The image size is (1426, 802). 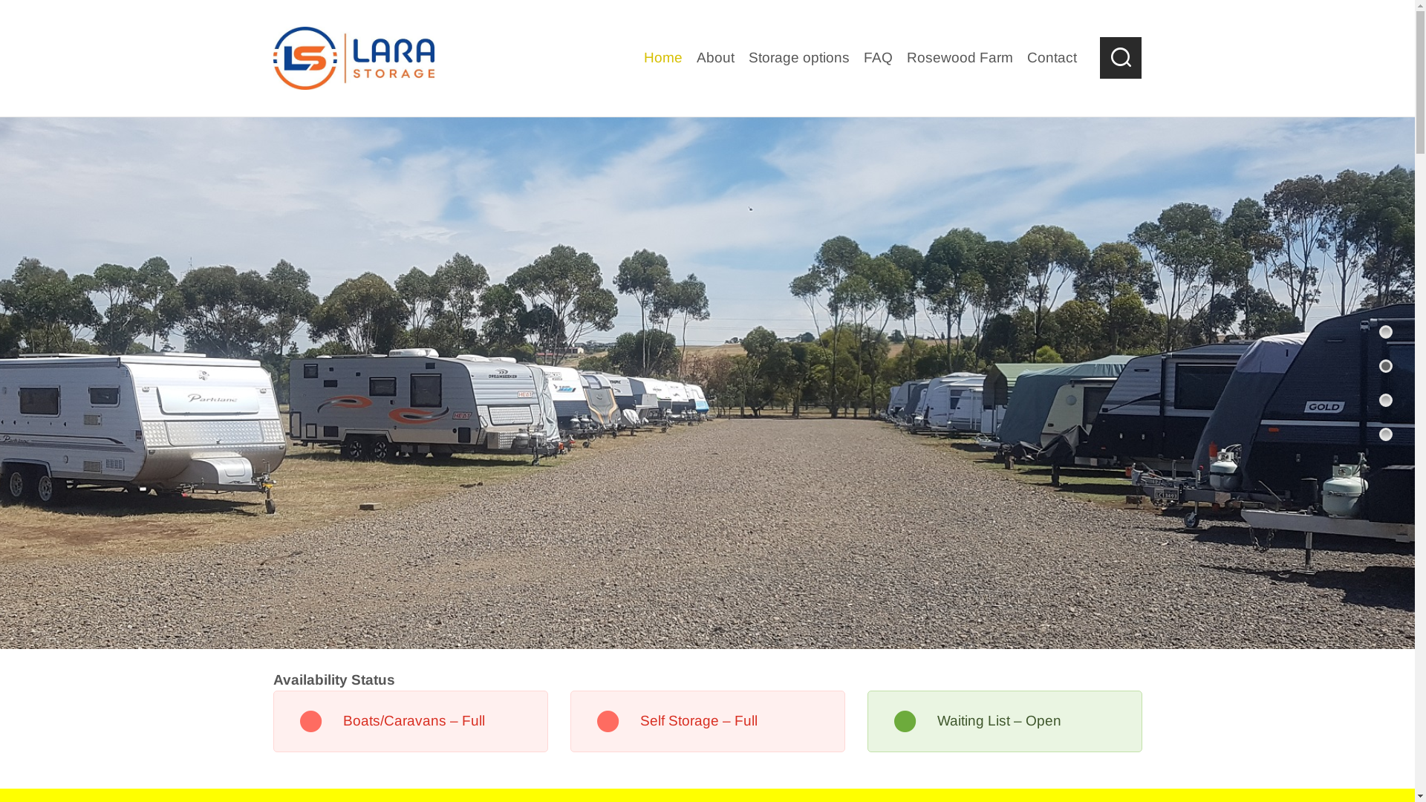 What do you see at coordinates (662, 57) in the screenshot?
I see `'Home'` at bounding box center [662, 57].